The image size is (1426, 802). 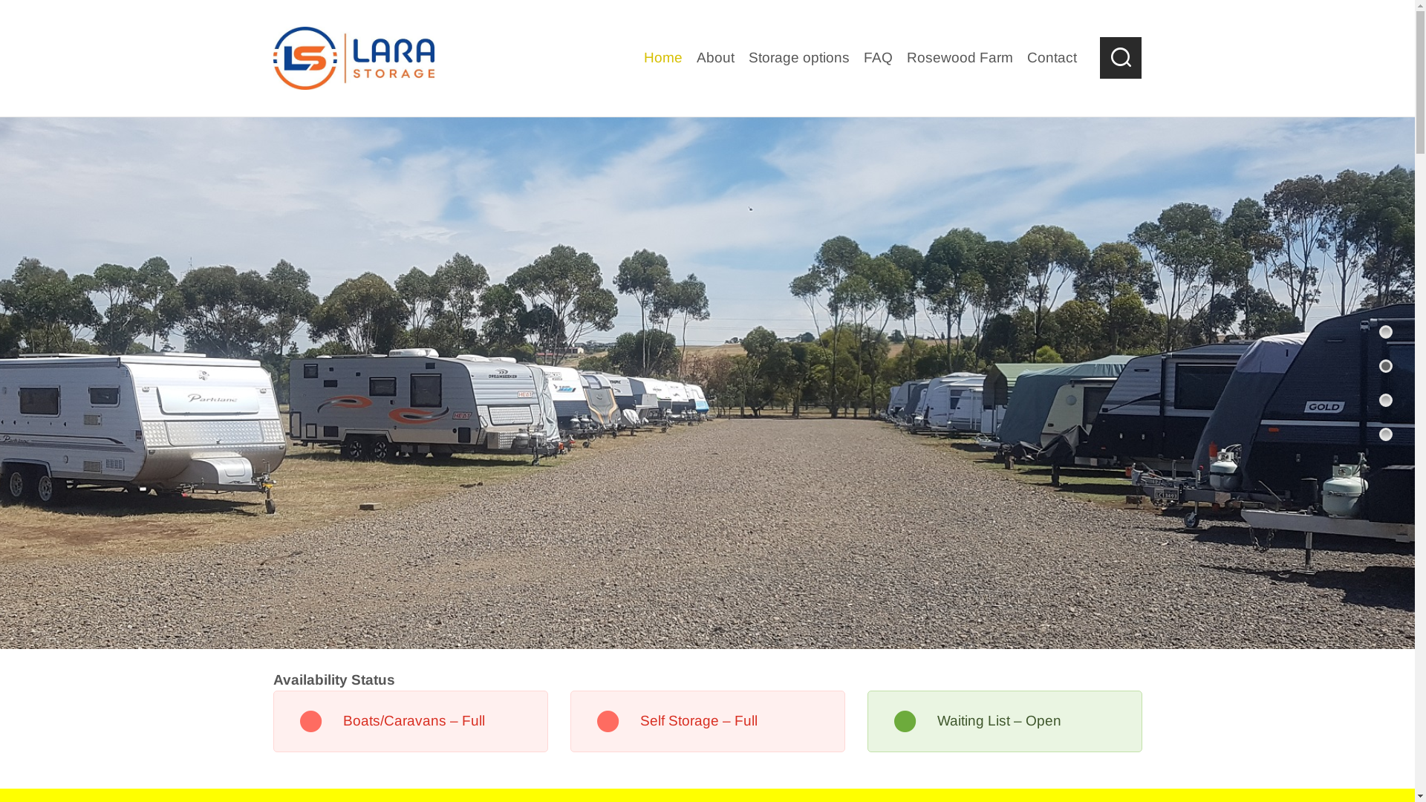 What do you see at coordinates (662, 57) in the screenshot?
I see `'Home'` at bounding box center [662, 57].